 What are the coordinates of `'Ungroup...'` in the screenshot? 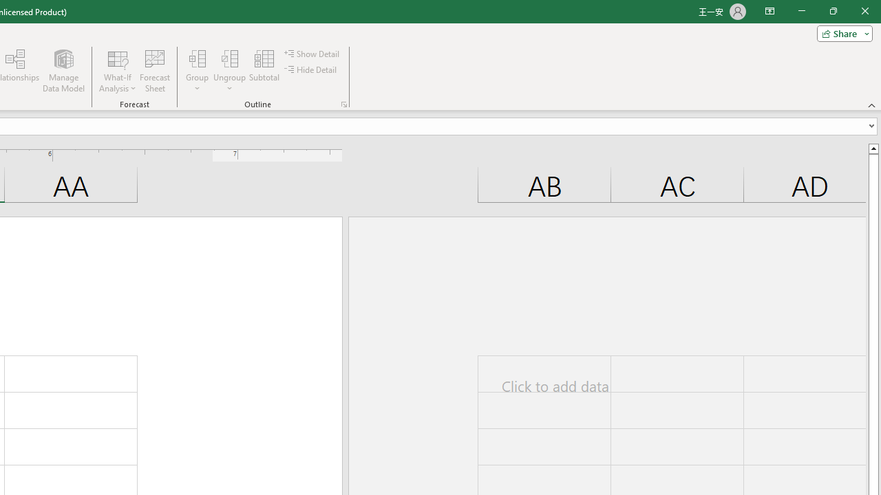 It's located at (230, 71).